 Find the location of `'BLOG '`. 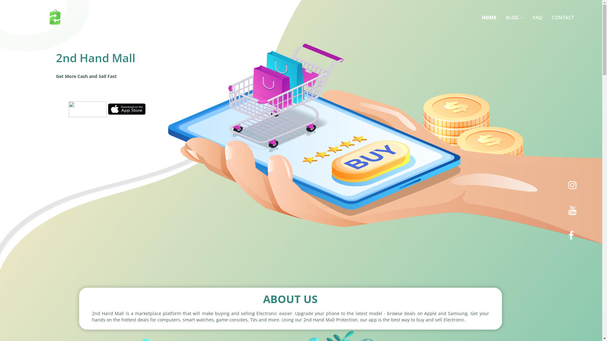

'BLOG ' is located at coordinates (500, 17).